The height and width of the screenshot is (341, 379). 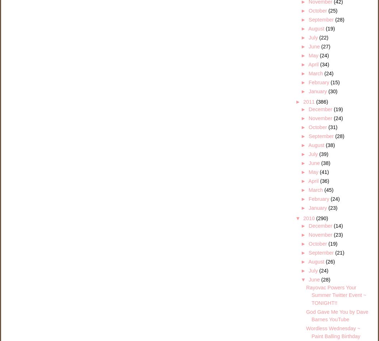 I want to click on '(290)', so click(x=315, y=217).